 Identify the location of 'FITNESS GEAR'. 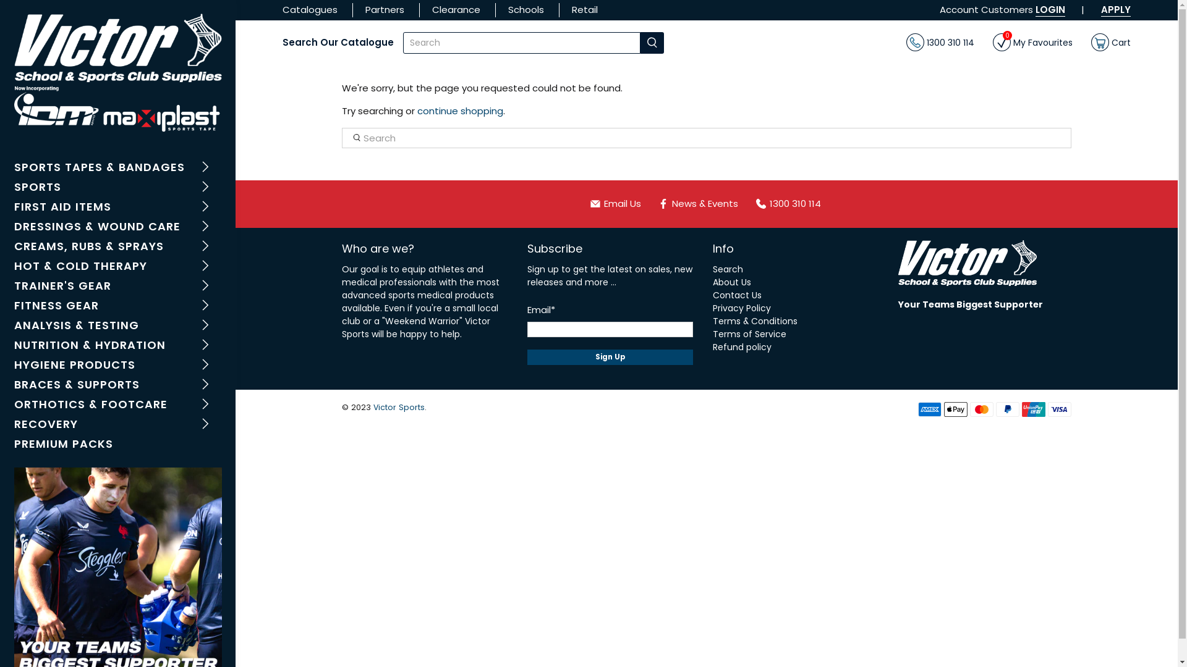
(117, 306).